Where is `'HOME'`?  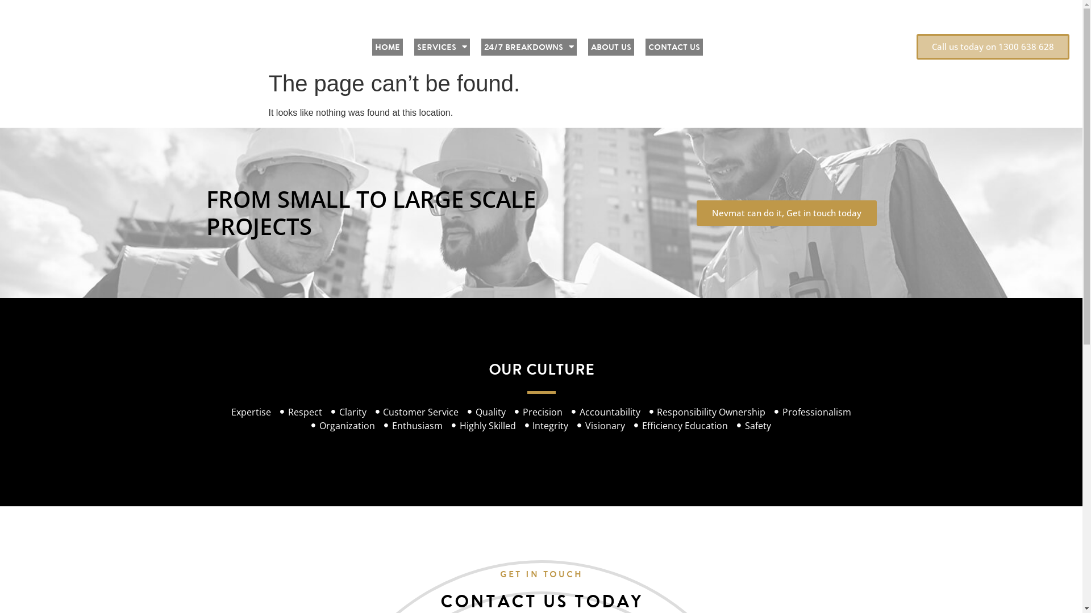 'HOME' is located at coordinates (387, 47).